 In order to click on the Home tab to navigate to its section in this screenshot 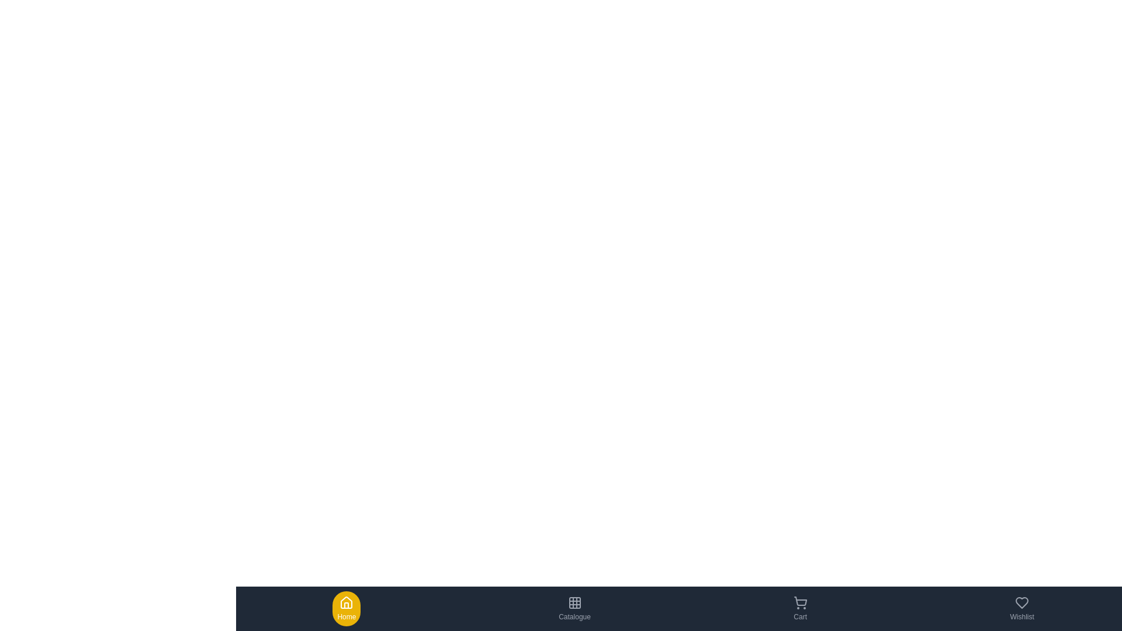, I will do `click(346, 608)`.